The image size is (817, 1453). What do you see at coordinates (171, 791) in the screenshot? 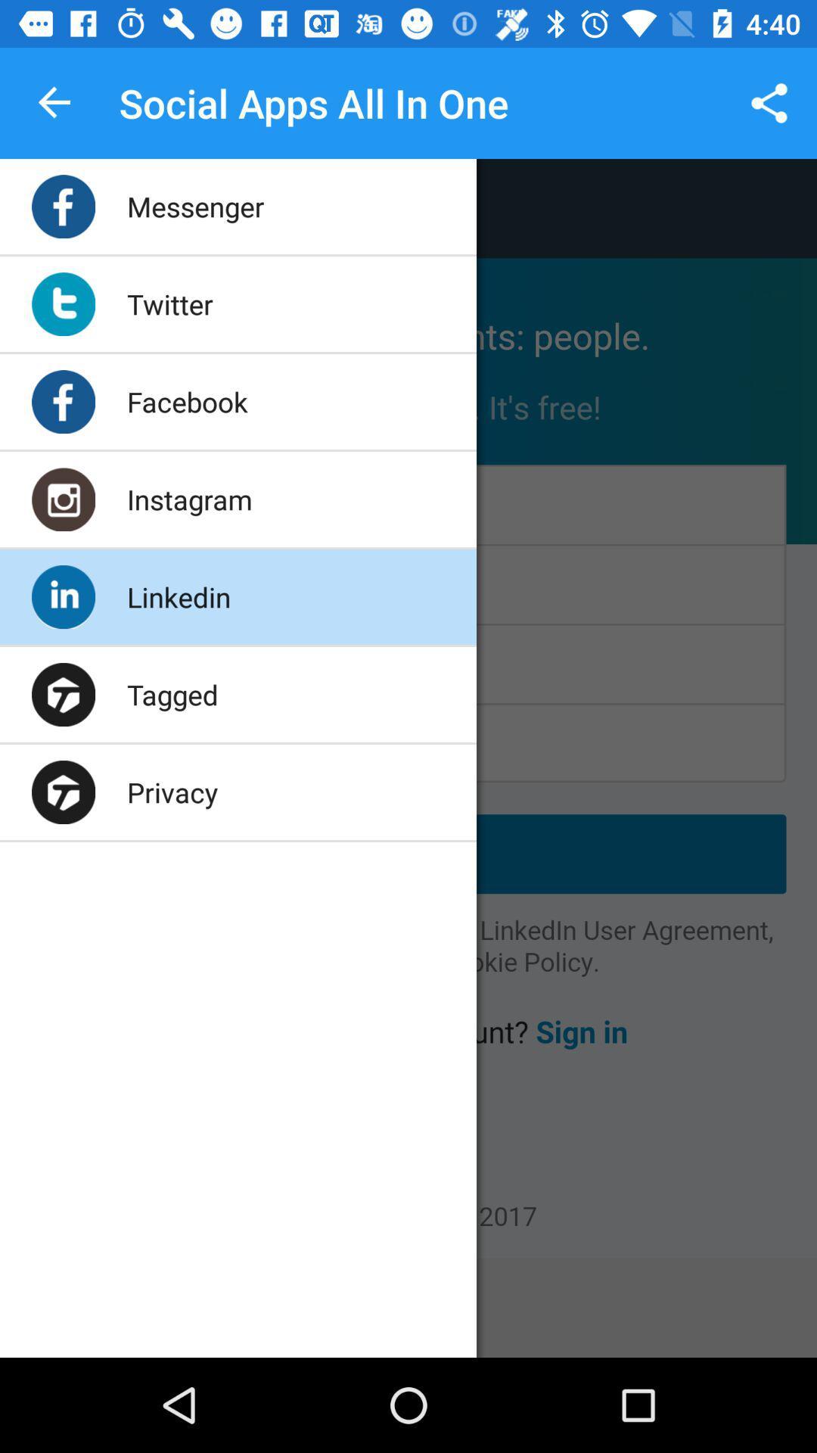
I see `the privacy` at bounding box center [171, 791].